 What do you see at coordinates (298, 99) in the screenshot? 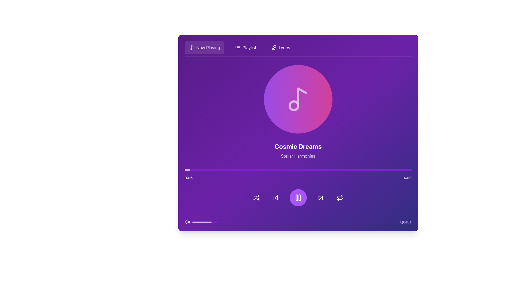
I see `the circular music note icon with a gradient background, located in the center of the interface` at bounding box center [298, 99].